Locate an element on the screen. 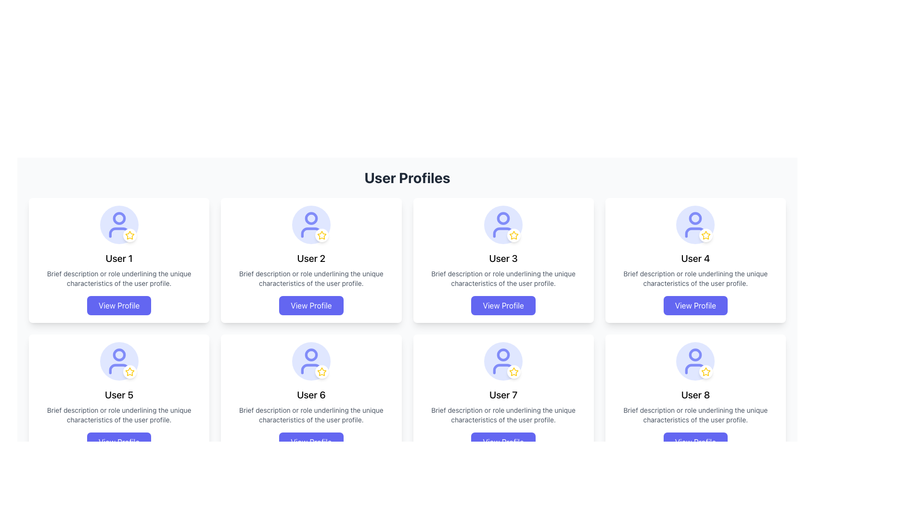 The height and width of the screenshot is (519, 924). the descriptive label text located in the user profile card for 'User 1', which is positioned below the 'User 1' title and above the 'View Profile' button is located at coordinates (118, 278).